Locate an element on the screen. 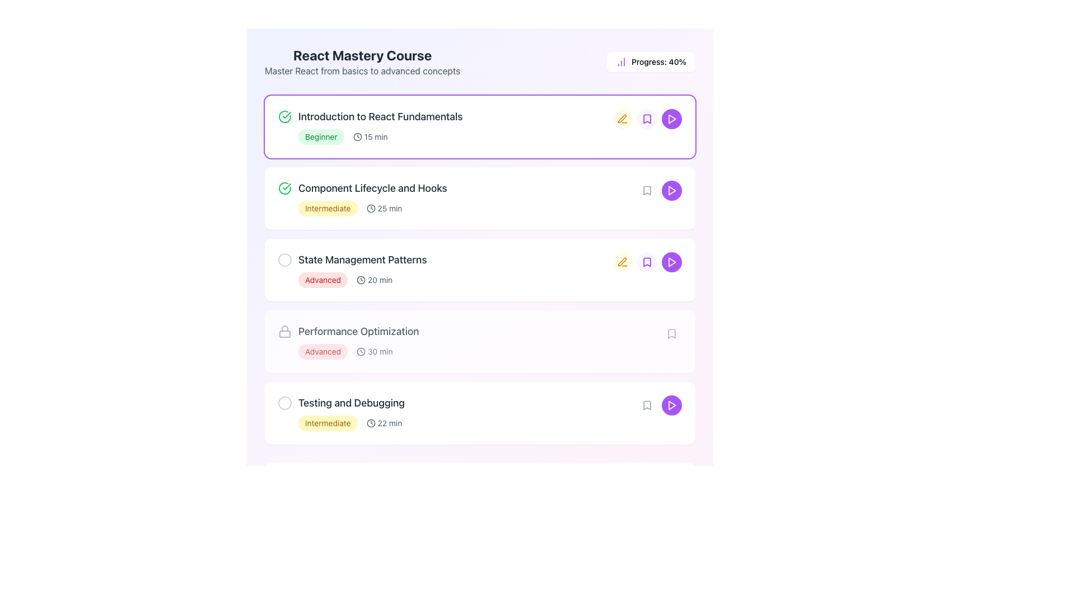 Image resolution: width=1075 pixels, height=604 pixels. the playback icon button located at the far right of the 'Introduction to React Fundamentals' entry's action area is located at coordinates (672, 119).